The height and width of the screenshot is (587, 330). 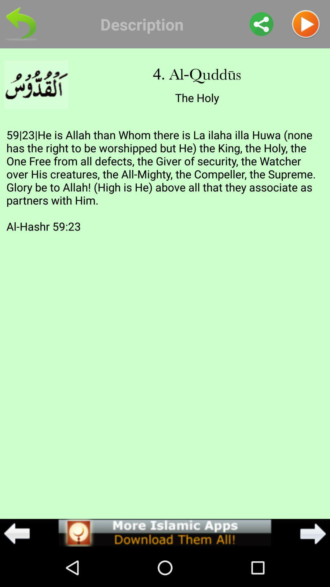 What do you see at coordinates (261, 24) in the screenshot?
I see `the icon next to the description icon` at bounding box center [261, 24].